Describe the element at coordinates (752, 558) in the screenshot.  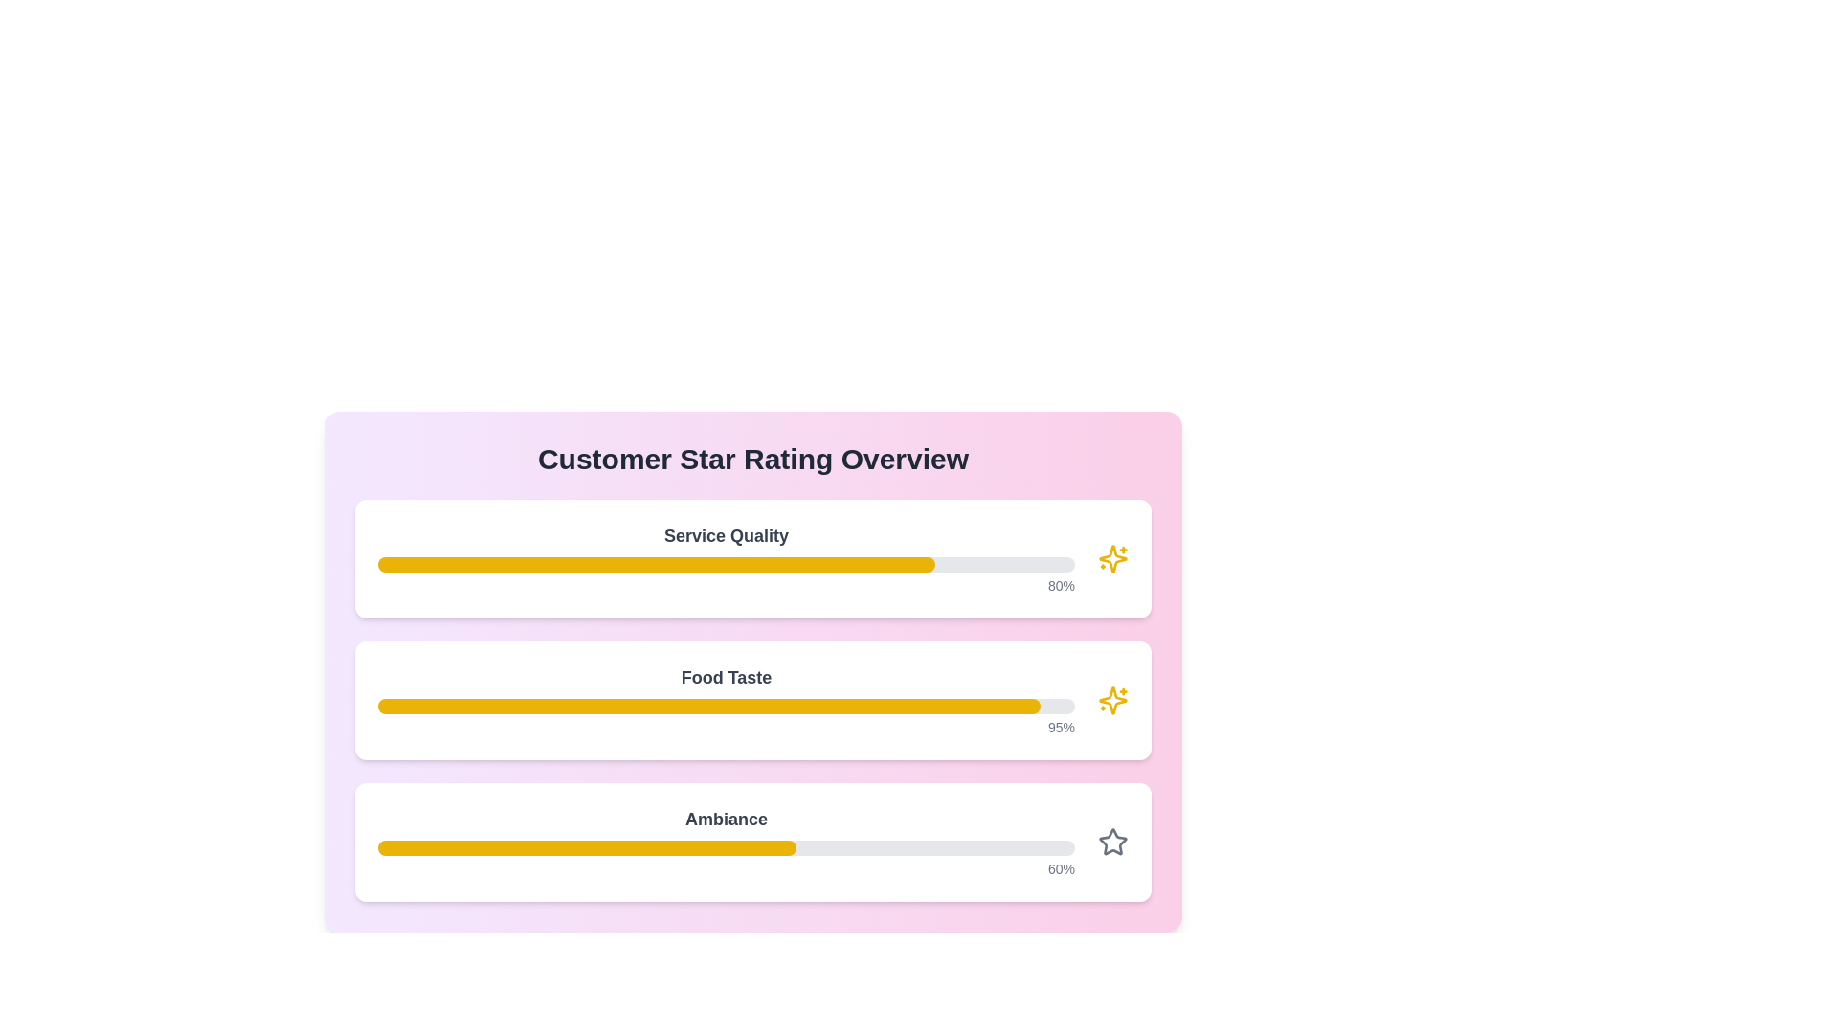
I see `displayed percentage value from the 'Service Quality' progress bar, which is filled to about 80% and has the title 'Service Quality' above it` at that location.